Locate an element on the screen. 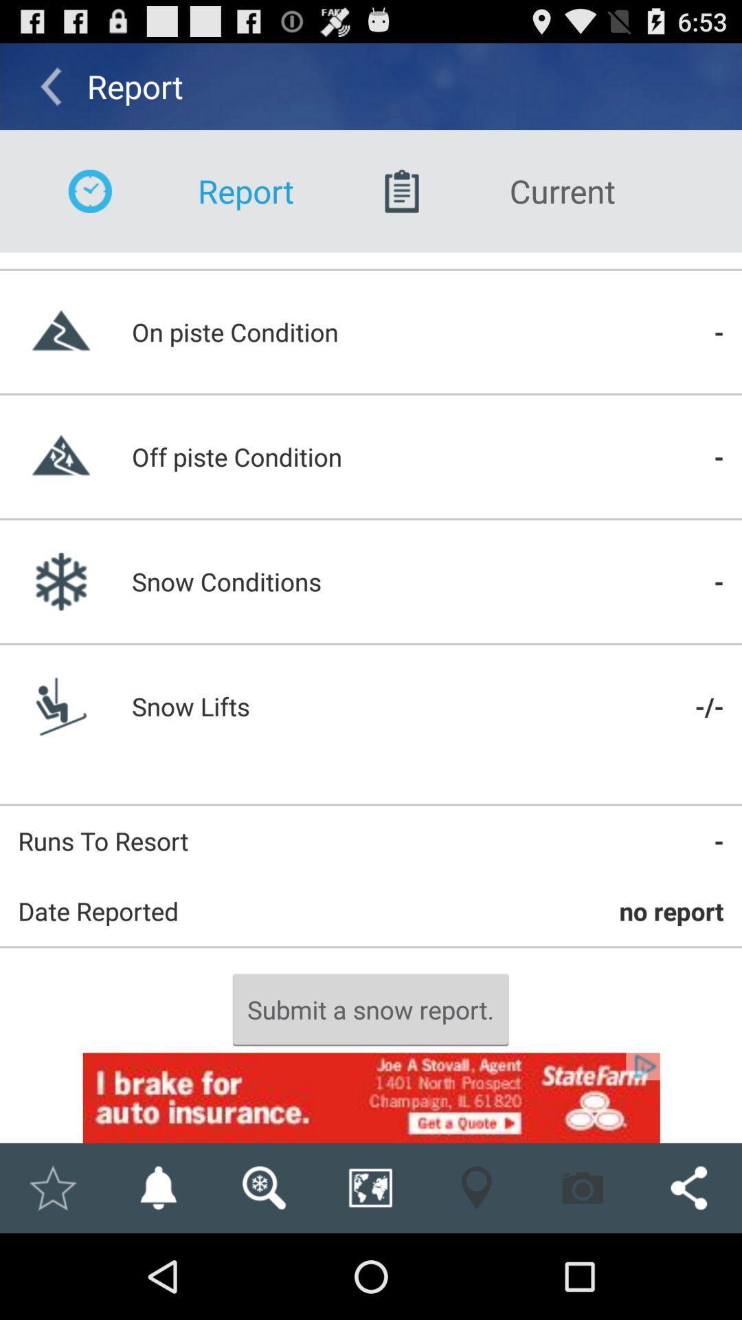 The width and height of the screenshot is (742, 1320). the globe icon is located at coordinates (370, 1270).